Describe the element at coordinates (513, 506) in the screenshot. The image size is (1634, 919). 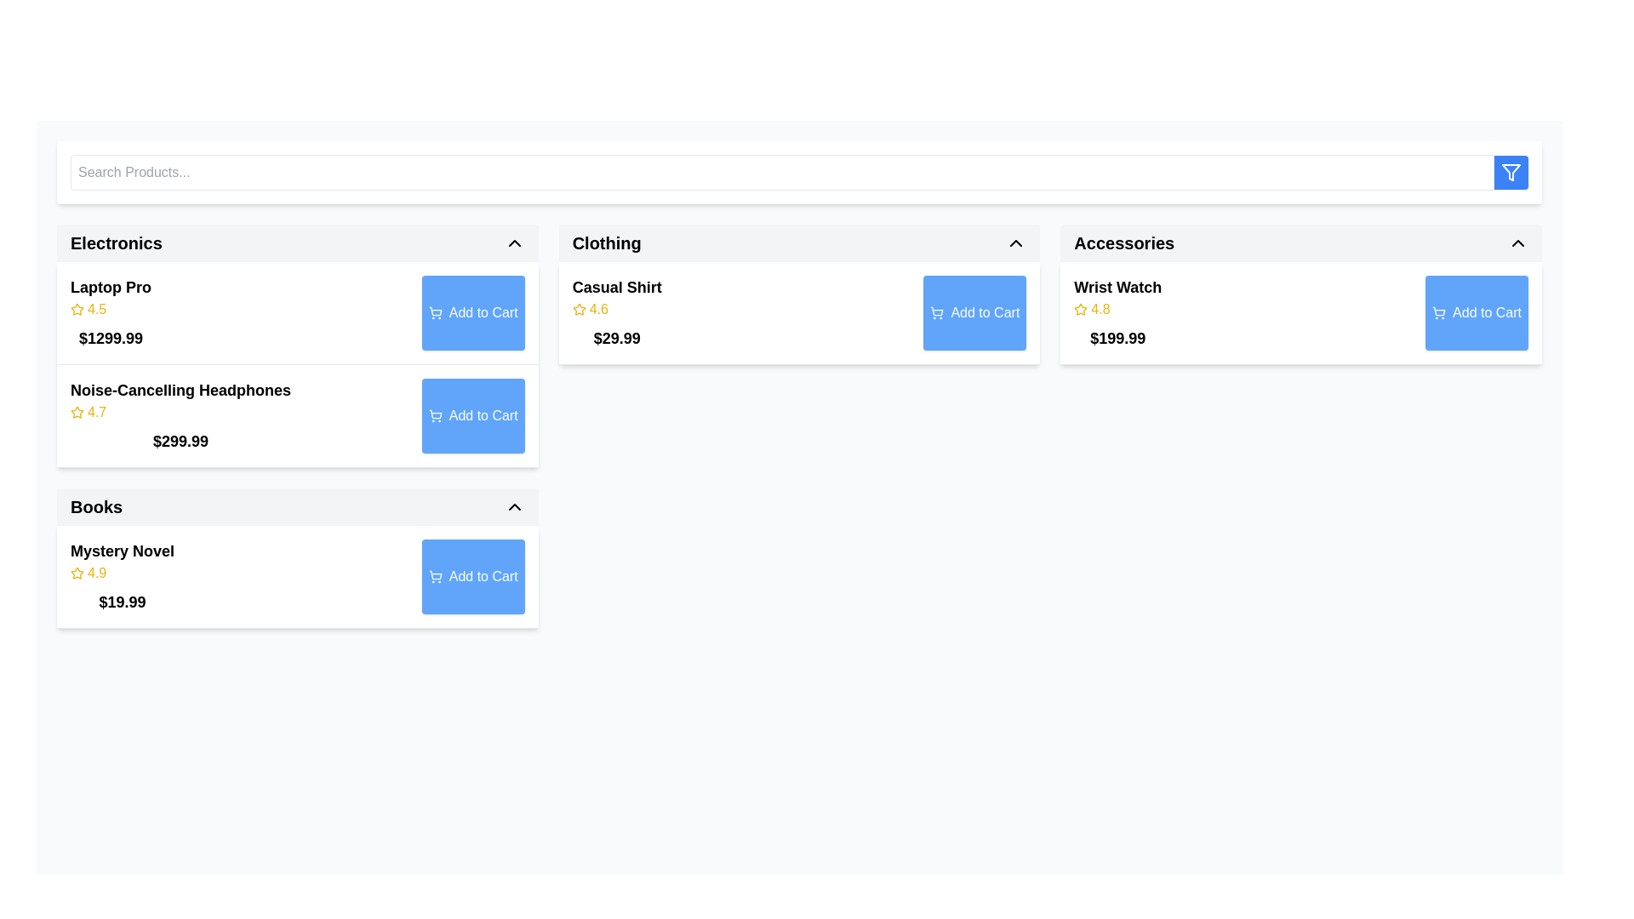
I see `the chevron icon button in the 'Books' section header to get context for its functionality` at that location.